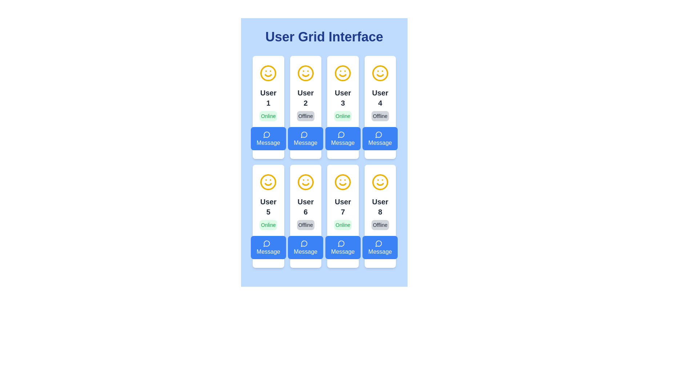  I want to click on the blue rectangular button labeled 'Message' with a speech bubble icon to initiate a message for 'User 1', so click(268, 138).